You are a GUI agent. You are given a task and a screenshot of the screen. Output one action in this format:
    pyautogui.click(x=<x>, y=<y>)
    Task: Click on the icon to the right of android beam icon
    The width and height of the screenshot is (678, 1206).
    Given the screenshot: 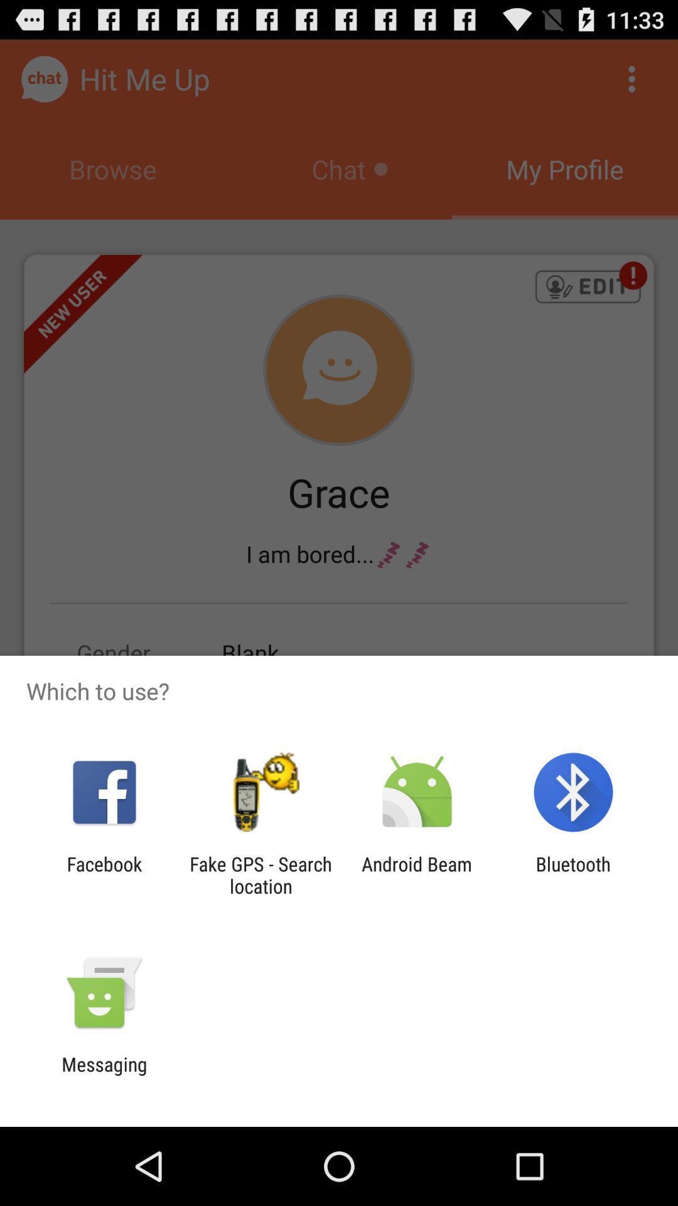 What is the action you would take?
    pyautogui.click(x=573, y=874)
    